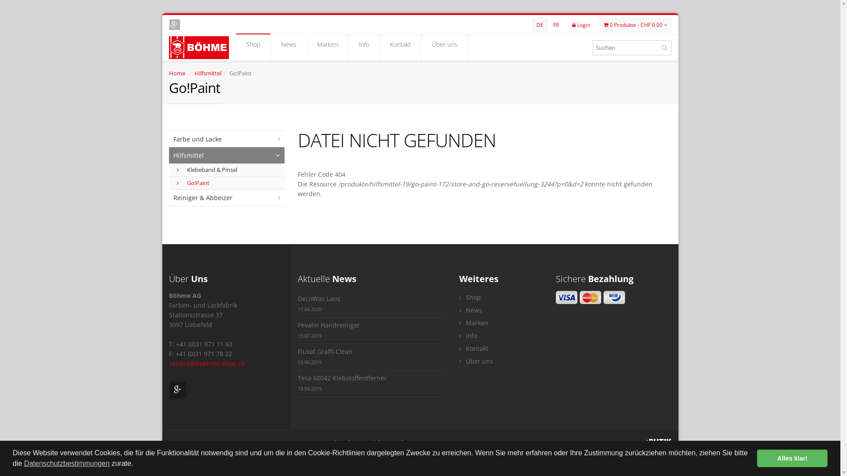 The height and width of the screenshot is (476, 847). What do you see at coordinates (176, 170) in the screenshot?
I see `'Klebeband & Pinsel'` at bounding box center [176, 170].